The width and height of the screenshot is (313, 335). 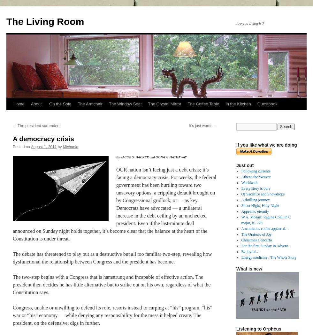 What do you see at coordinates (12, 138) in the screenshot?
I see `'A democracy crisis'` at bounding box center [12, 138].